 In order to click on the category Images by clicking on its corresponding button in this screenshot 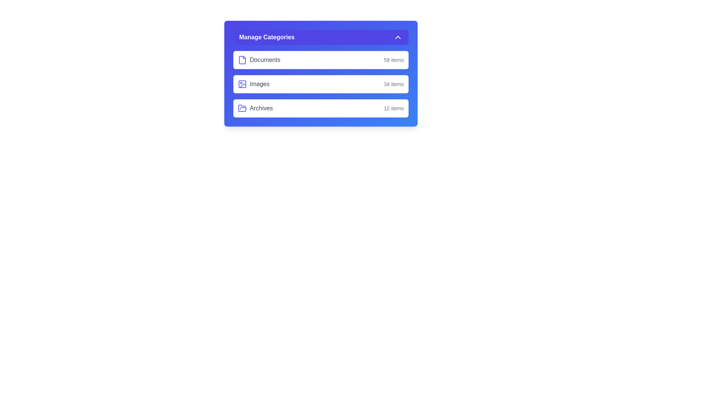, I will do `click(321, 84)`.